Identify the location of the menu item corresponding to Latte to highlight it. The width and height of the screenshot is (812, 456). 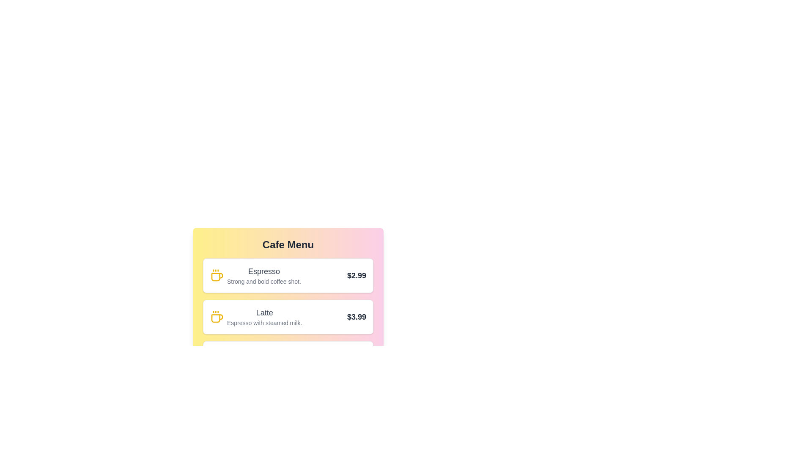
(288, 317).